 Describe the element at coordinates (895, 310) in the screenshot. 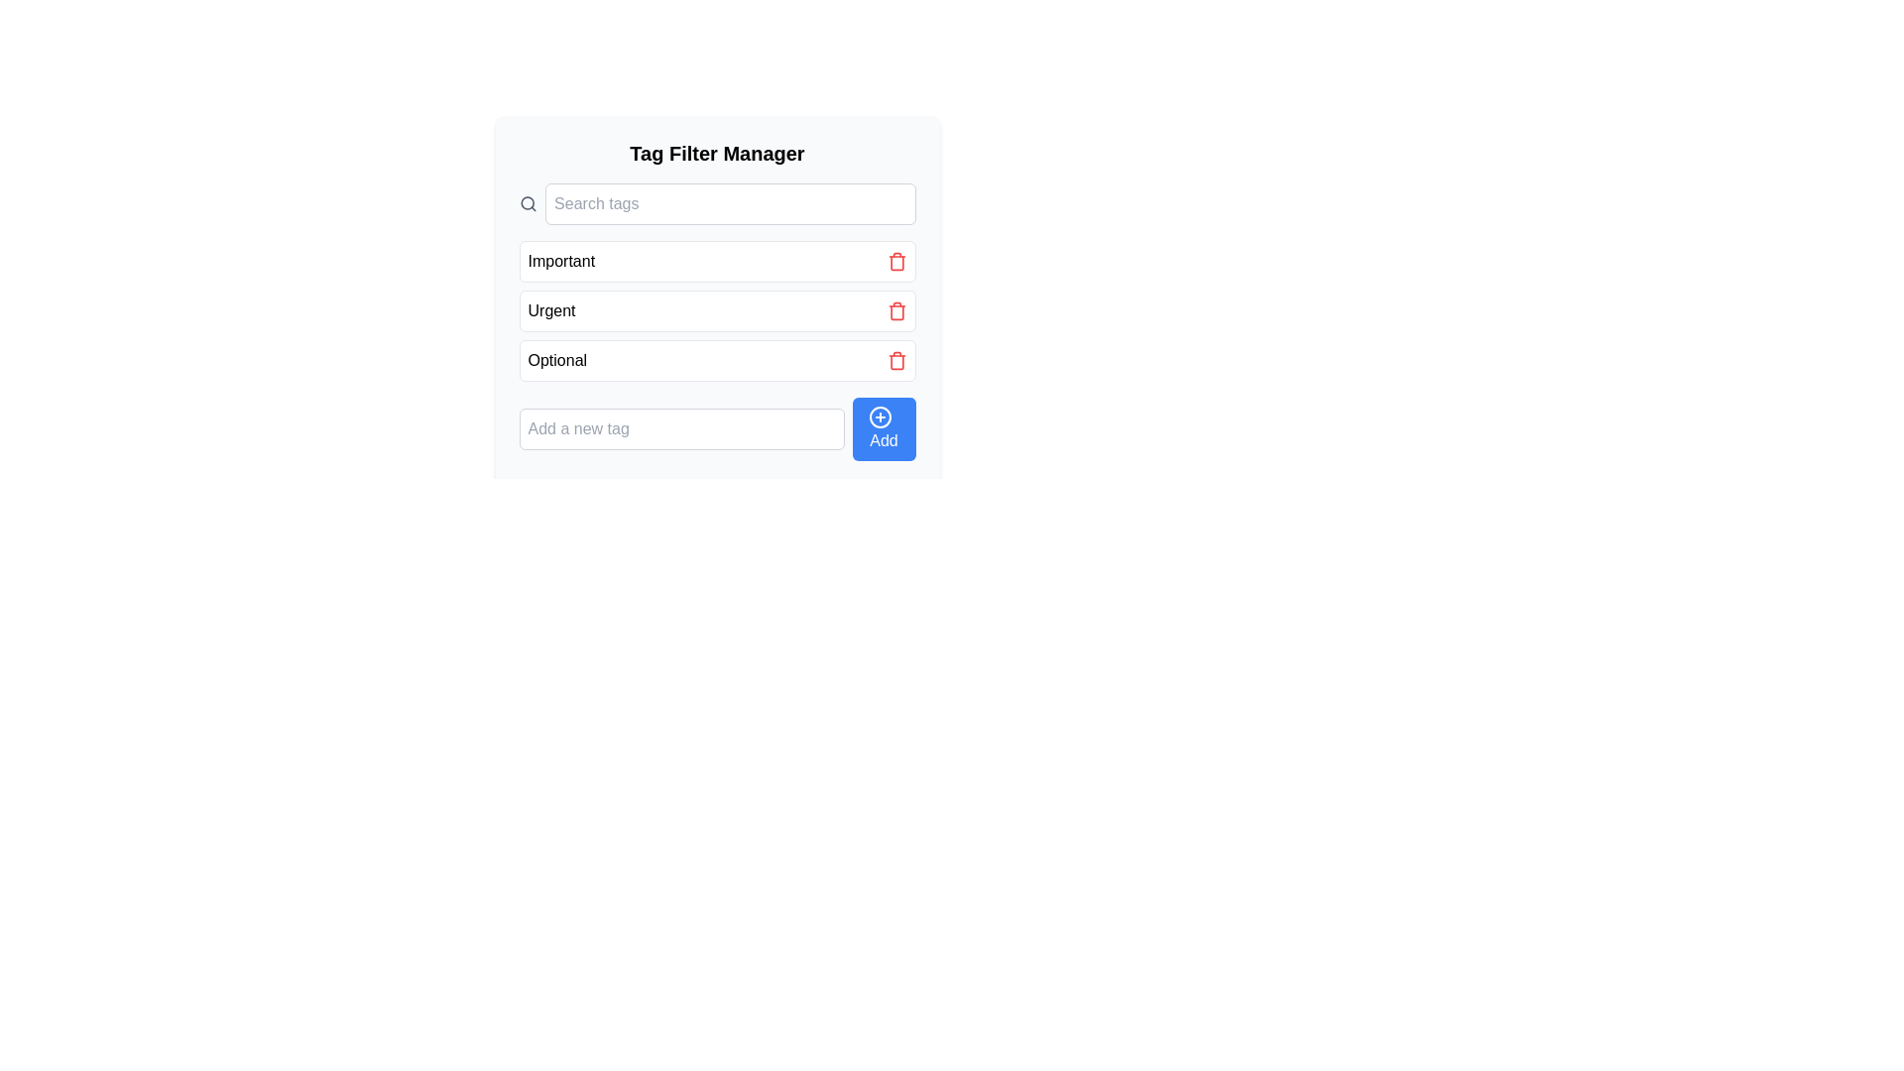

I see `the red trash icon button located at the far right of the 'Urgent' tag row` at that location.